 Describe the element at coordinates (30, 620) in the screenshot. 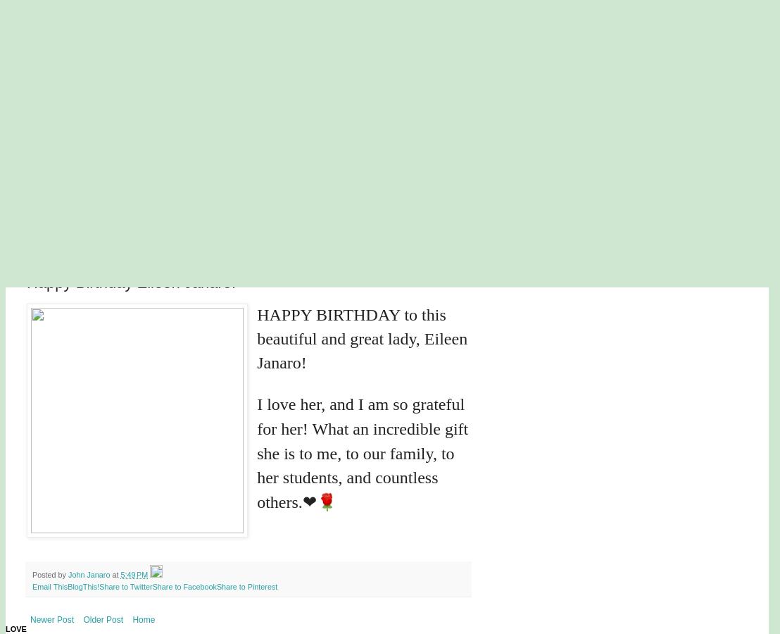

I see `'Newer Post'` at that location.